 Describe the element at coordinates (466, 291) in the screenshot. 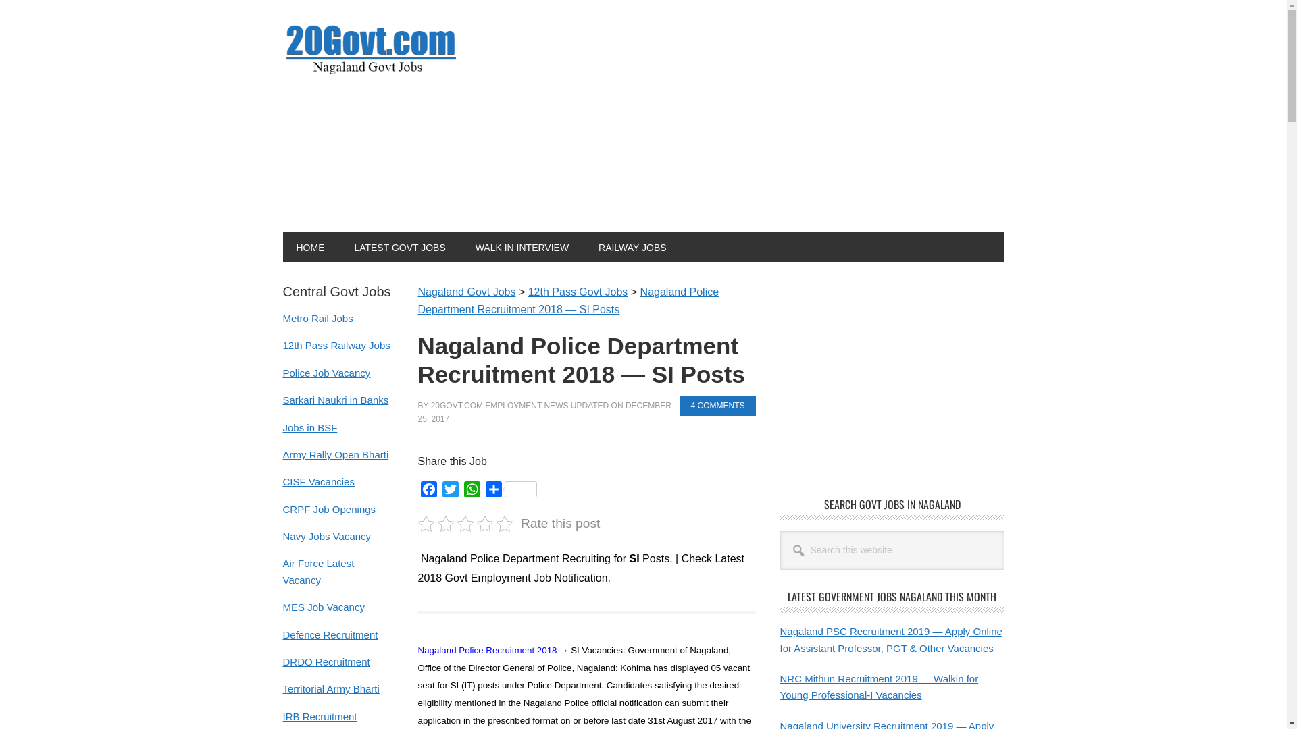

I see `'Nagaland Govt Jobs'` at that location.